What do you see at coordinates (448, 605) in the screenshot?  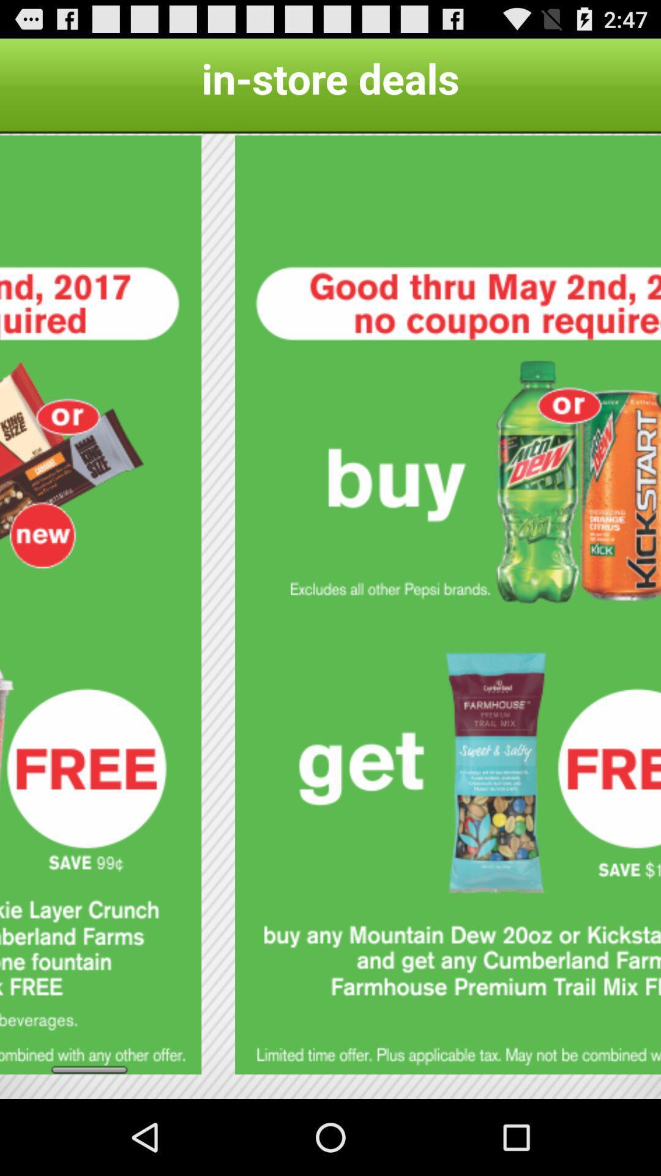 I see `icon on the right` at bounding box center [448, 605].